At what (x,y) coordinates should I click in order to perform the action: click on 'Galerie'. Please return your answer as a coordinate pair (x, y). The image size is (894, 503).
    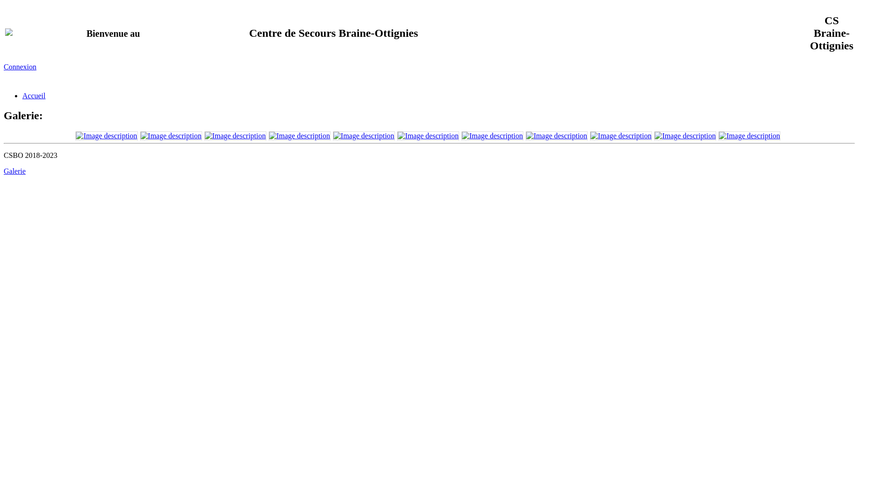
    Looking at the image, I should click on (14, 171).